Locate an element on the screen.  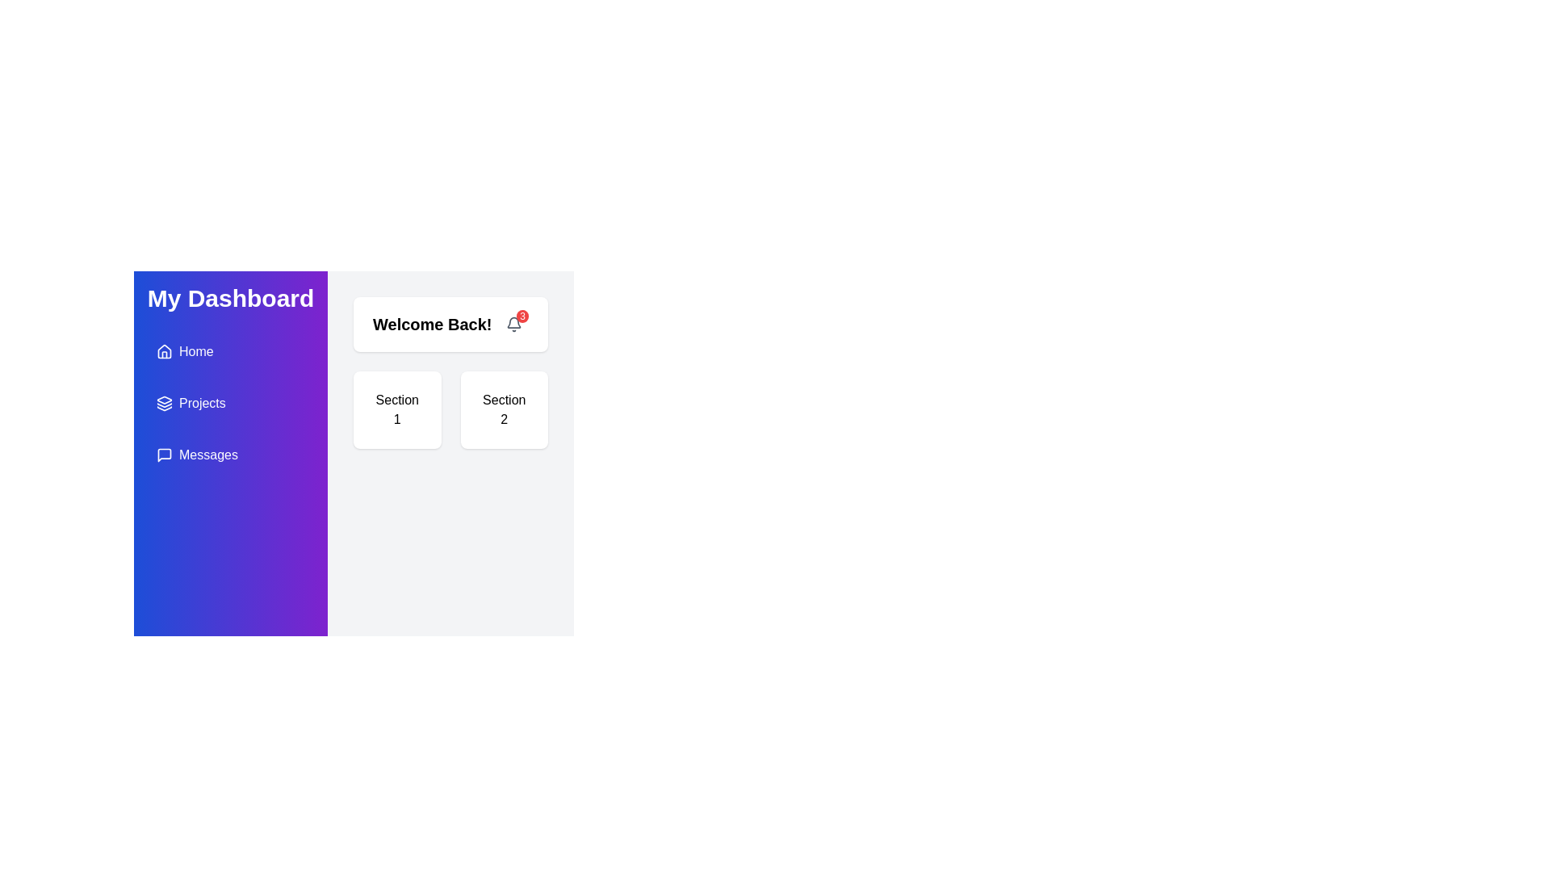
the 'Messages' icon located in the left-hand navigation menu is located at coordinates (164, 455).